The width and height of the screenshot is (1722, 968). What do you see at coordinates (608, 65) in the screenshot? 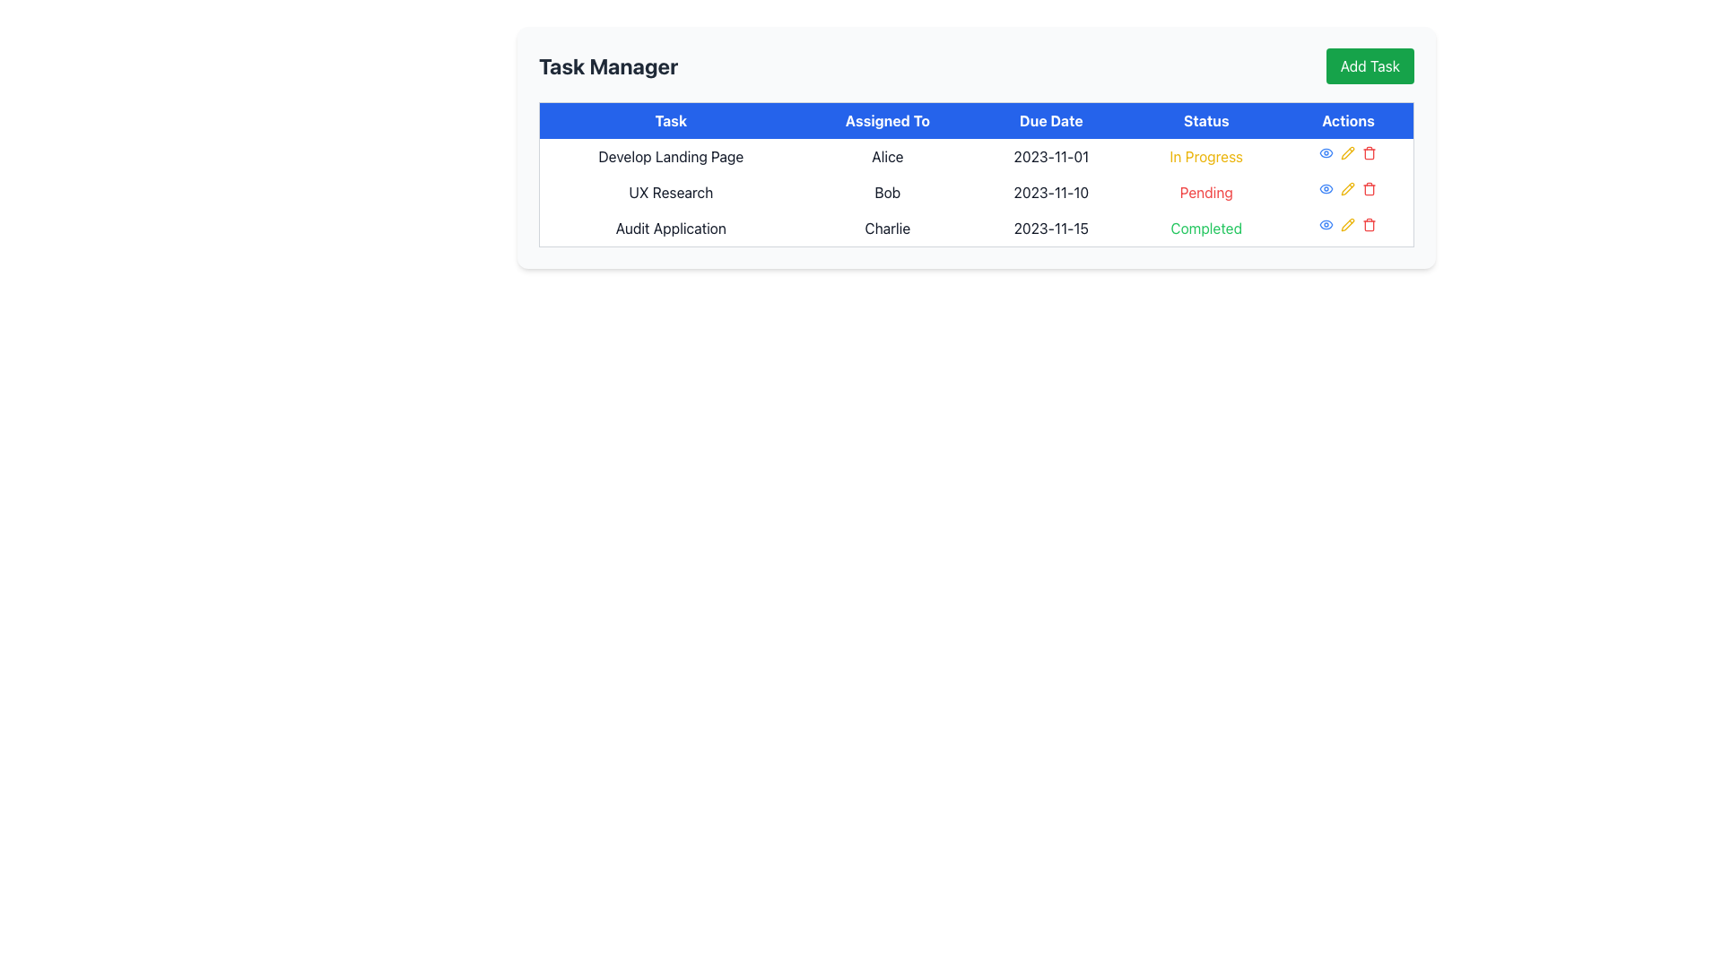
I see `the bold textual header element labeled 'Task Manager' positioned at the top-left corner of the header bar` at bounding box center [608, 65].